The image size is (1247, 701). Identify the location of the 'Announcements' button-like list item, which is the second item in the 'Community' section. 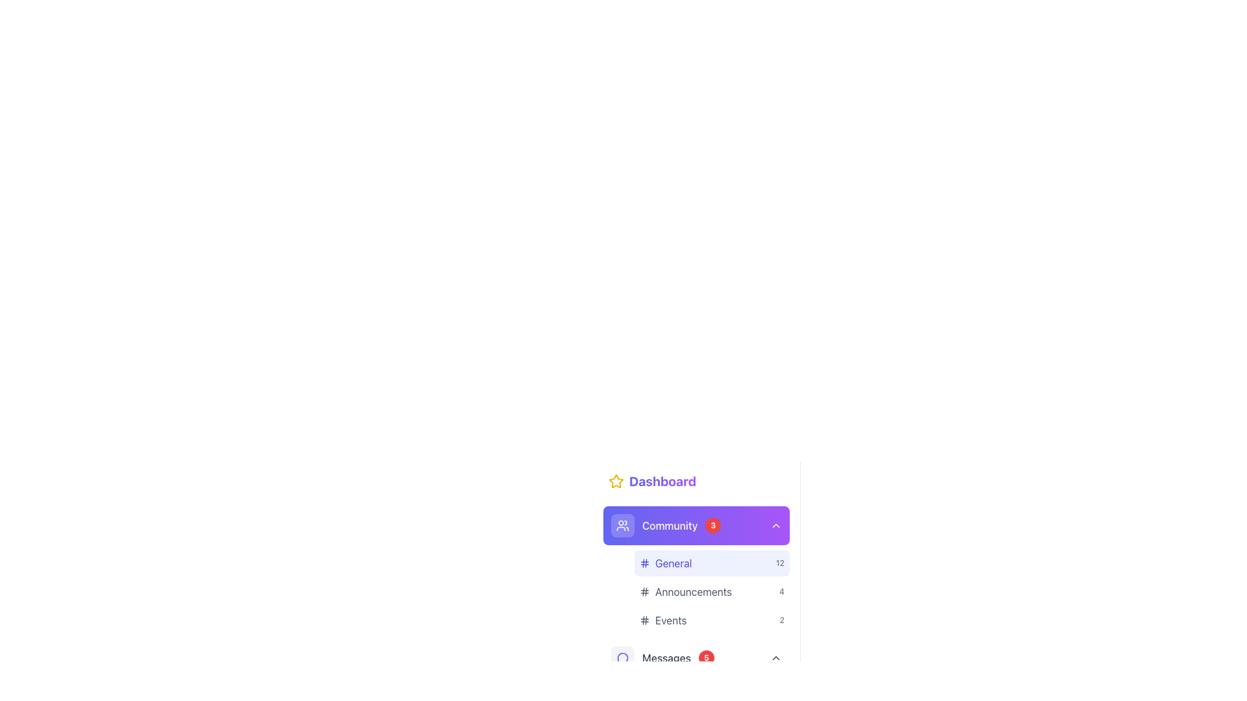
(711, 591).